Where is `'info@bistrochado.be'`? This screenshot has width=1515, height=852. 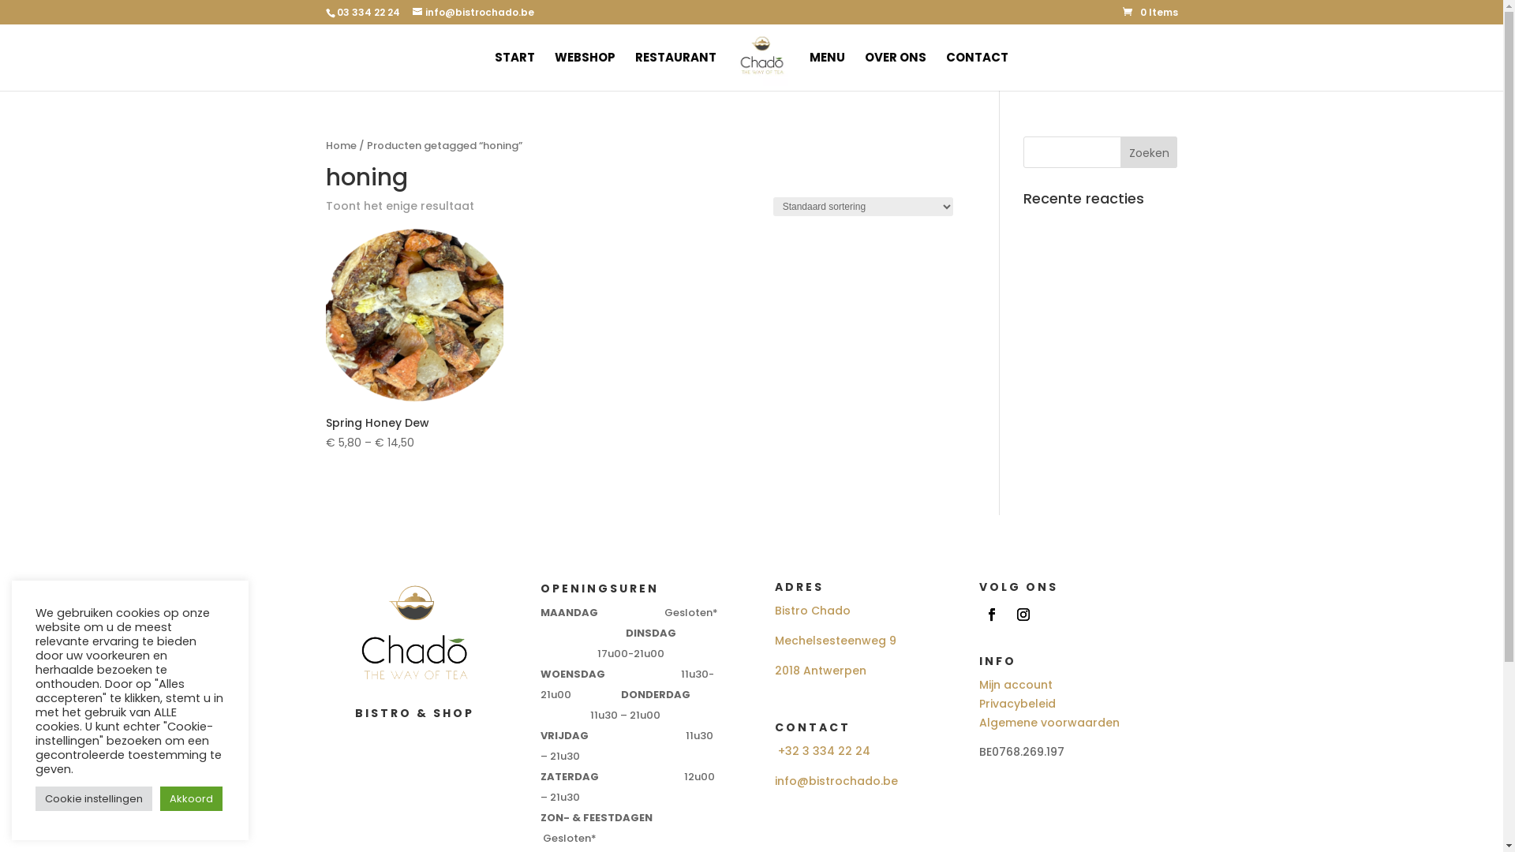 'info@bistrochado.be' is located at coordinates (836, 781).